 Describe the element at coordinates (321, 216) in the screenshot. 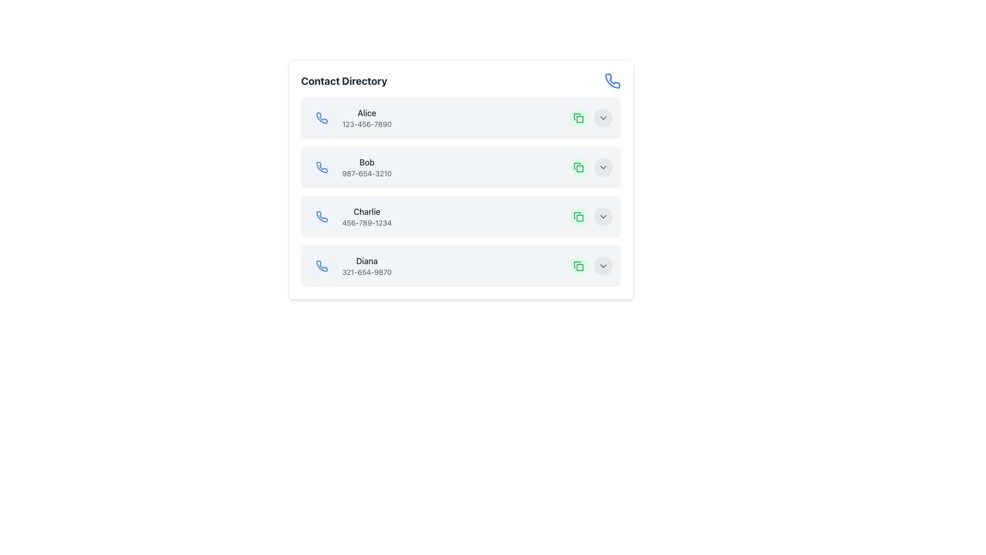

I see `the phone call button aligned with 'Charlie' in the third row to initiate a call` at that location.